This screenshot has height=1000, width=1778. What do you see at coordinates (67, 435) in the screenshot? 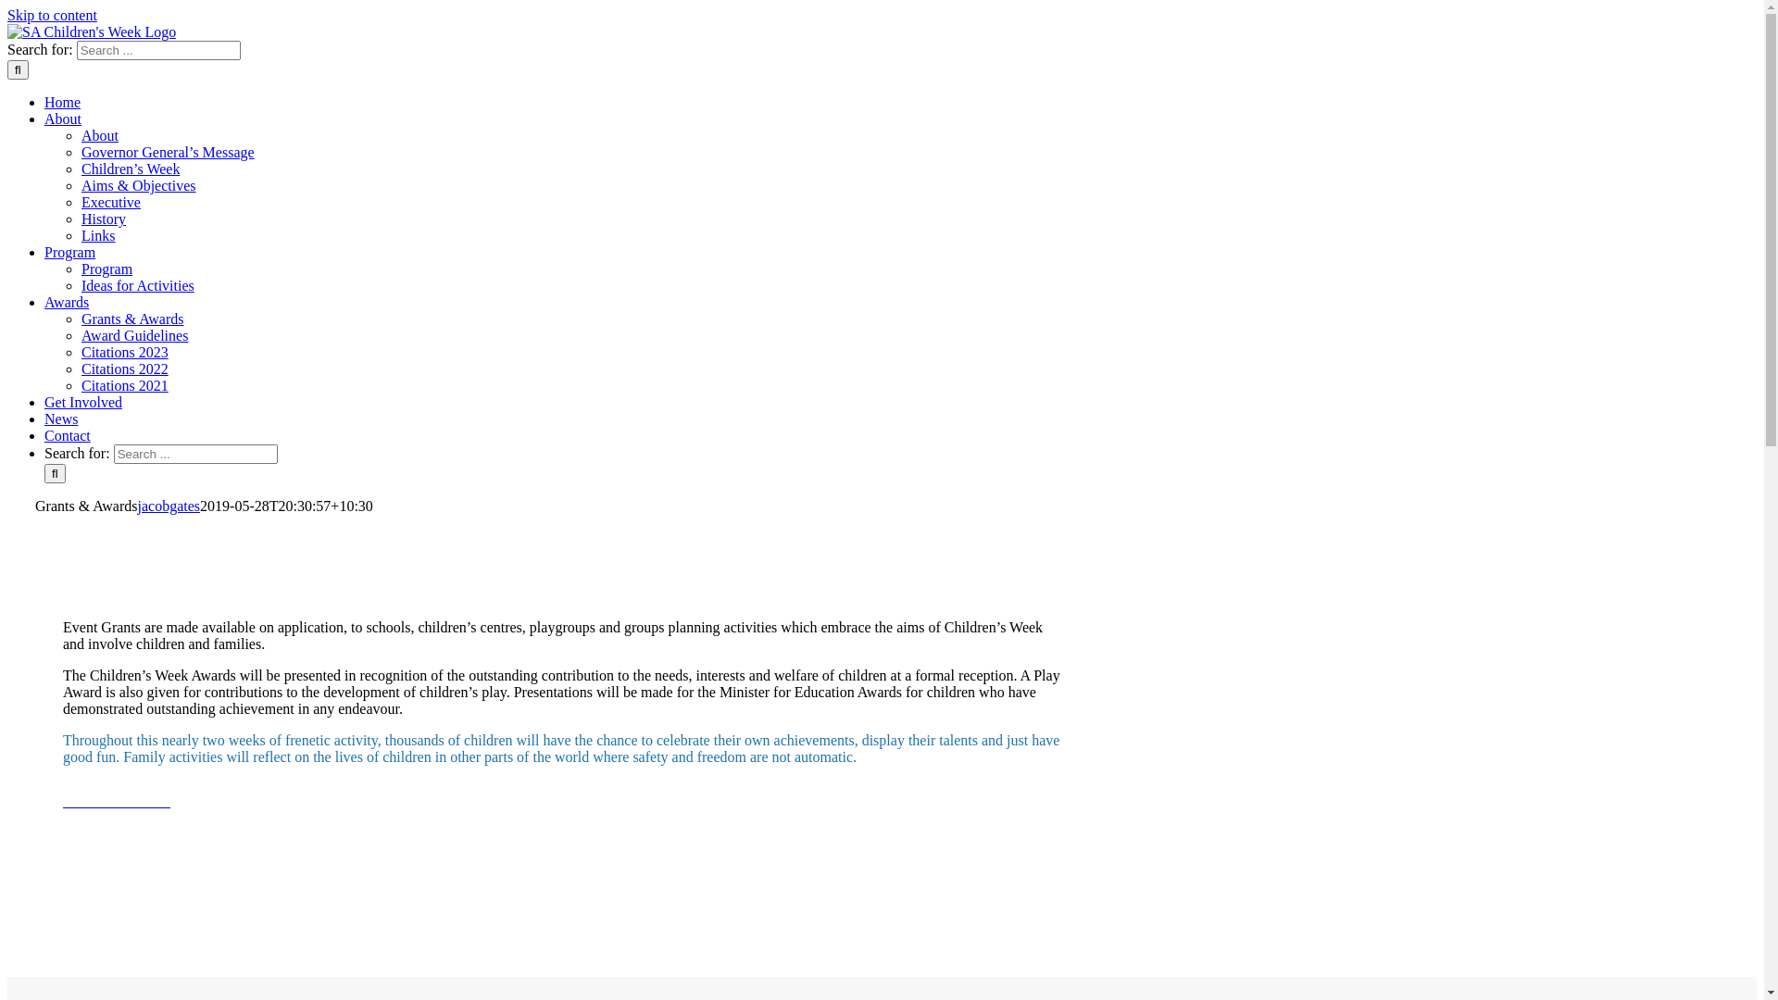
I see `'Contact'` at bounding box center [67, 435].